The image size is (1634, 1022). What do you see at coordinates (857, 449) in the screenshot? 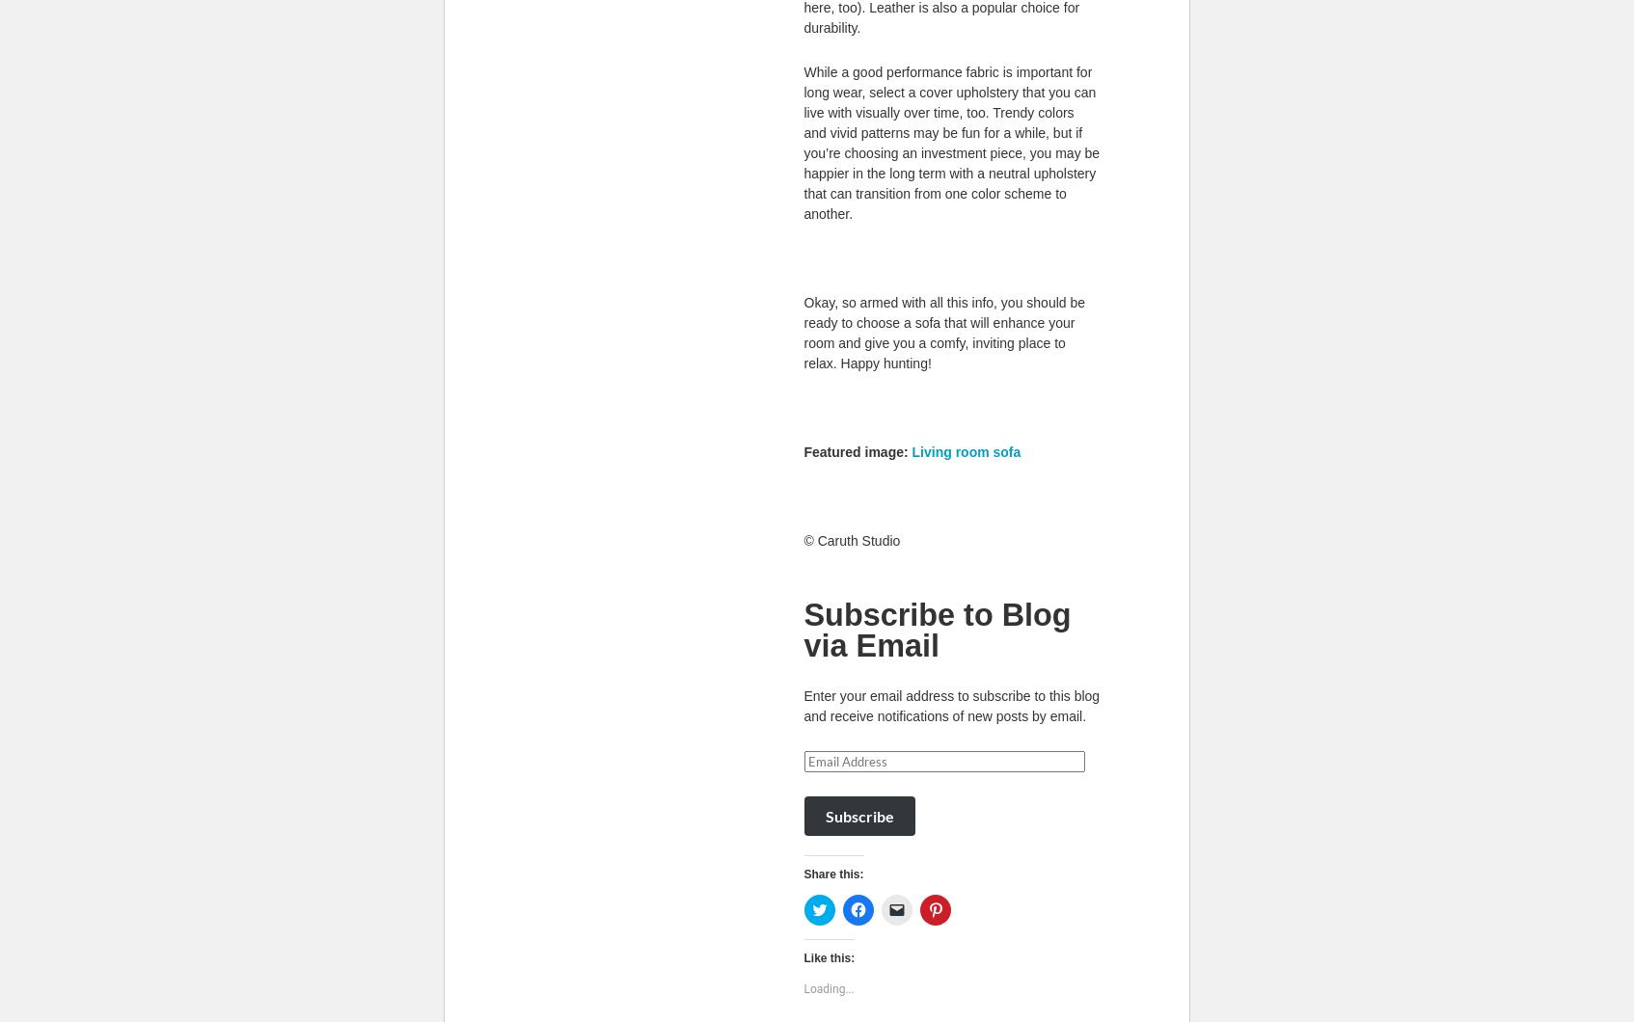
I see `'Featured image:'` at bounding box center [857, 449].